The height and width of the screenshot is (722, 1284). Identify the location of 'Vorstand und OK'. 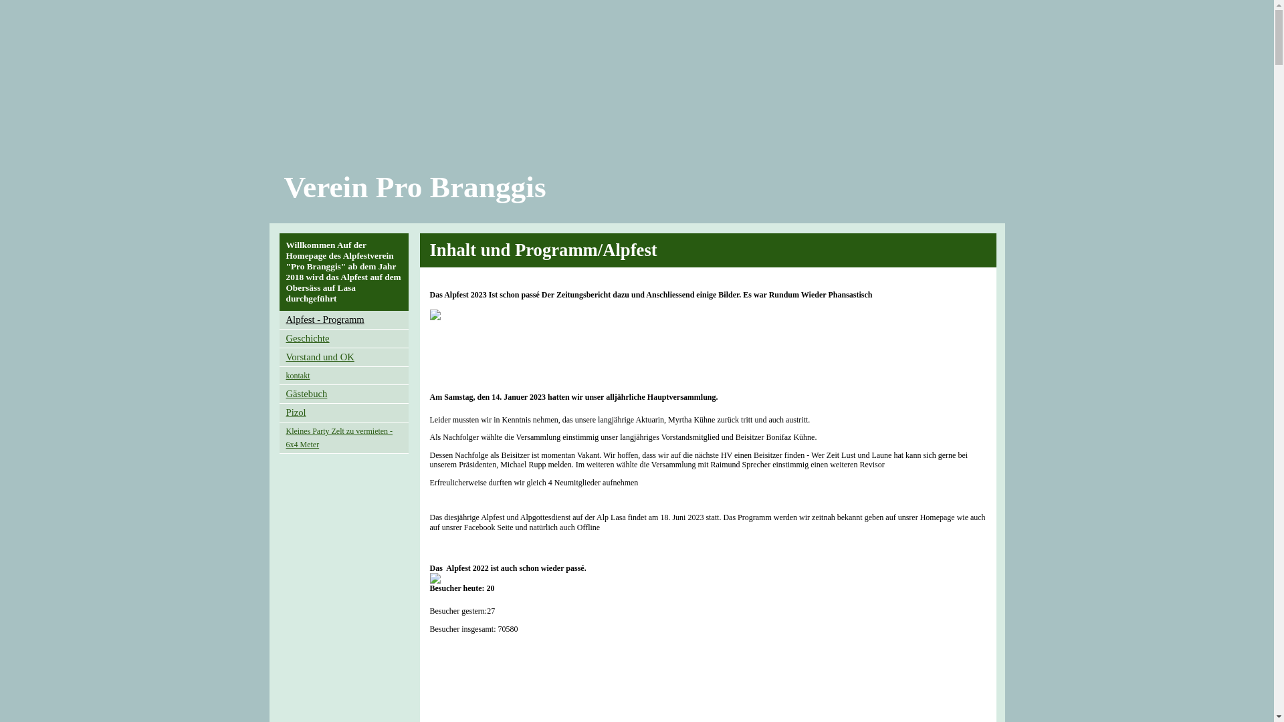
(320, 357).